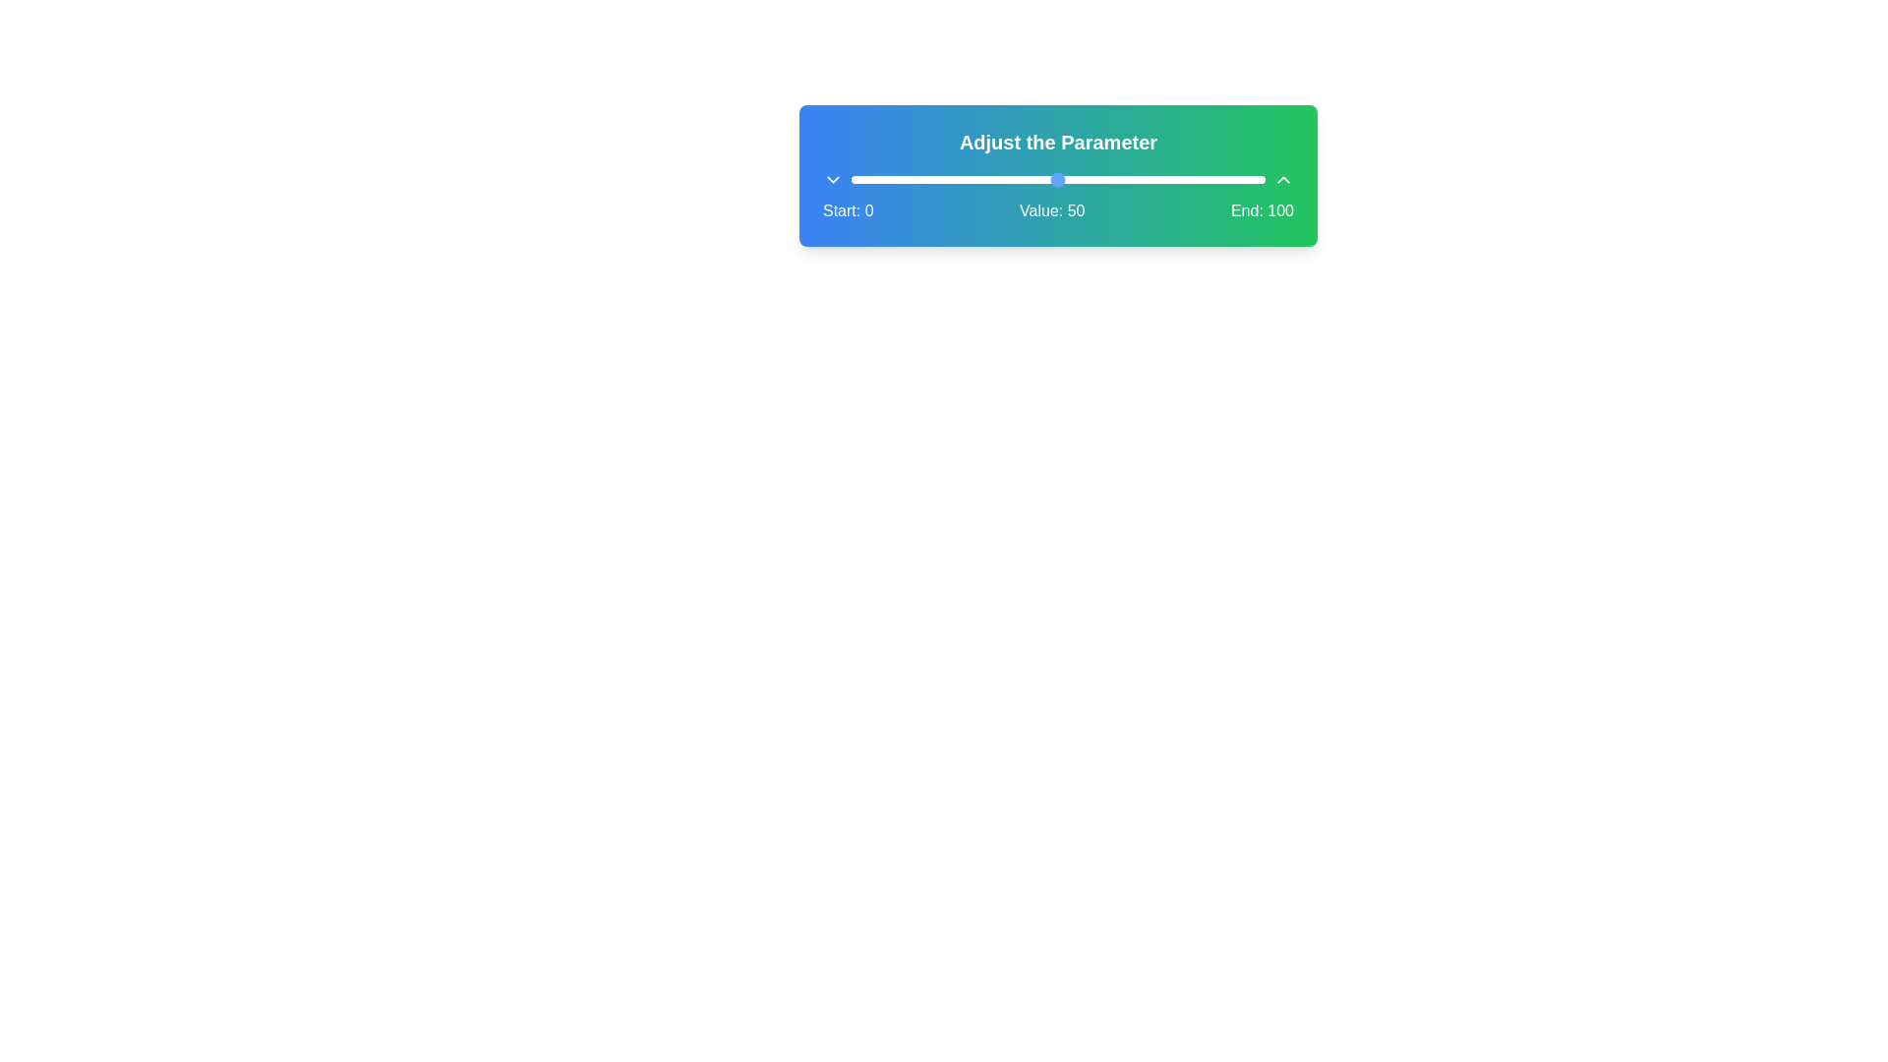 The image size is (1888, 1062). Describe the element at coordinates (848, 211) in the screenshot. I see `the static text label displaying 'Start: 0', located at the leftmost position among three labeled indicators within a gradient rectangular area` at that location.